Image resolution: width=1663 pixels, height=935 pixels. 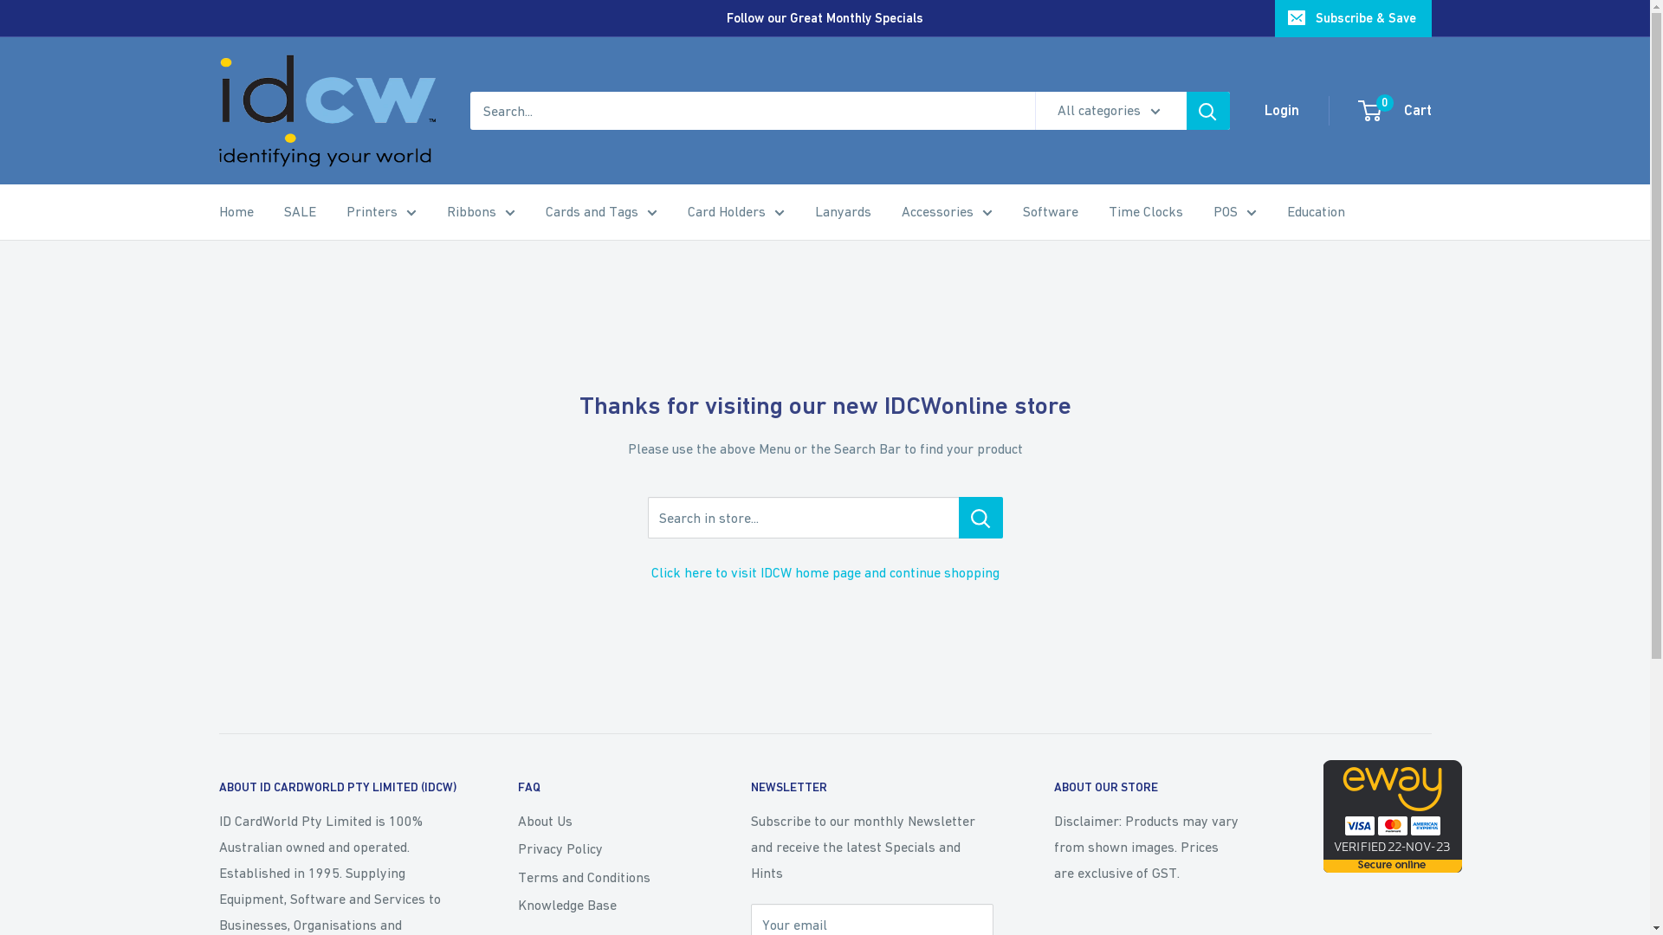 What do you see at coordinates (380, 211) in the screenshot?
I see `'Printers'` at bounding box center [380, 211].